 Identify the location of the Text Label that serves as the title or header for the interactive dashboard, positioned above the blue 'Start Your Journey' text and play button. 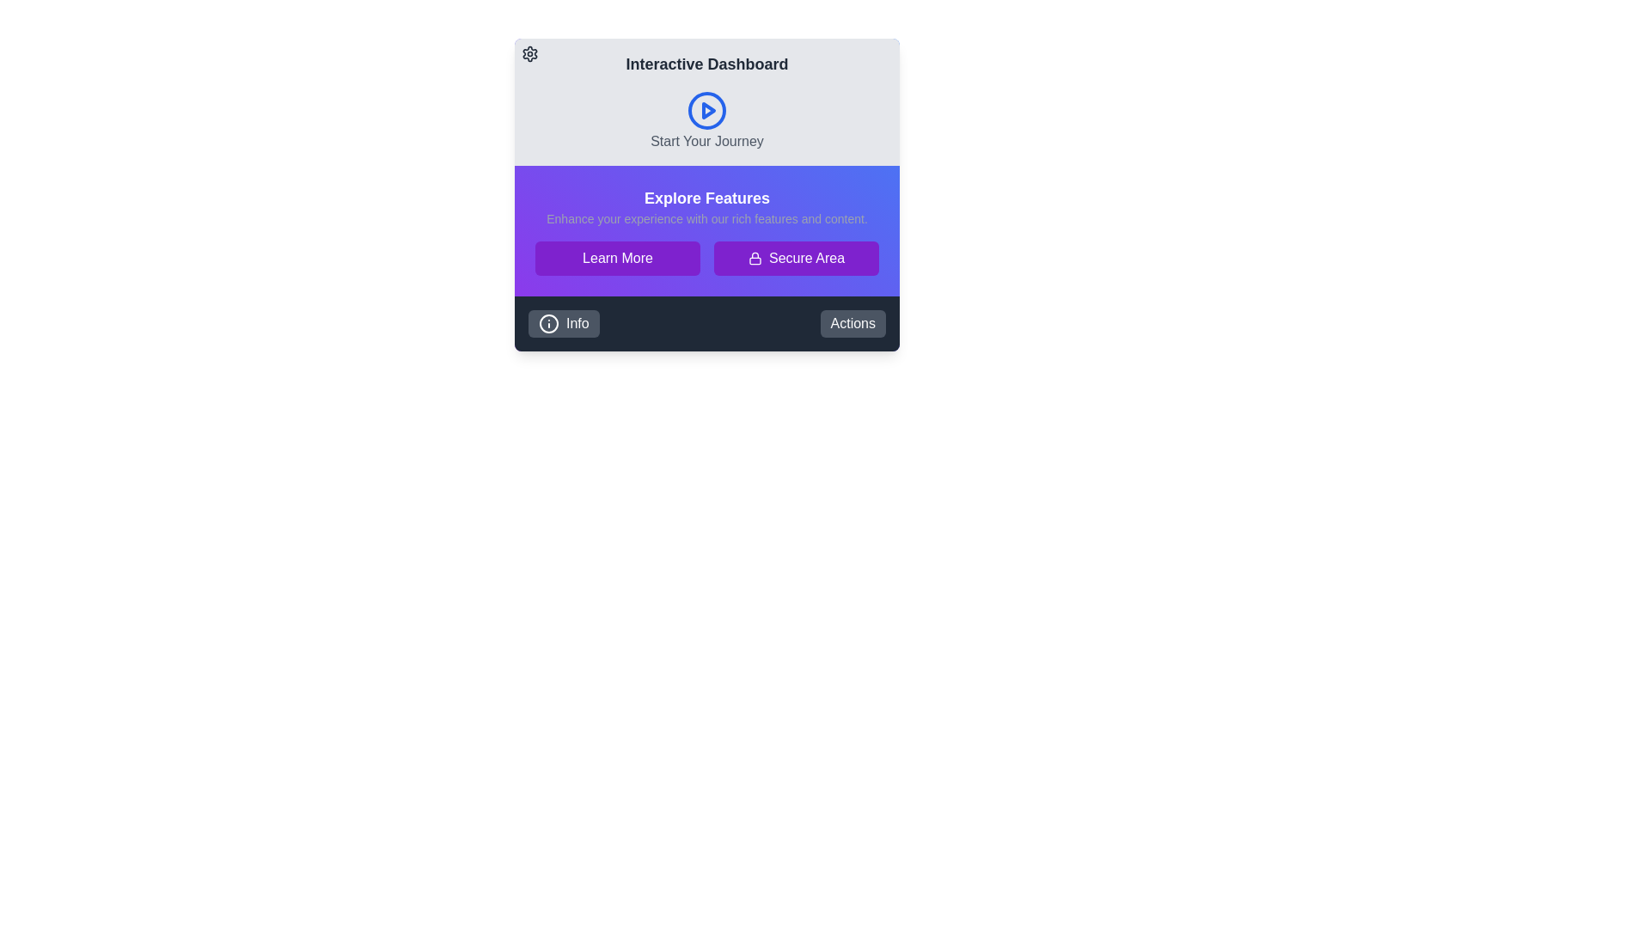
(706, 63).